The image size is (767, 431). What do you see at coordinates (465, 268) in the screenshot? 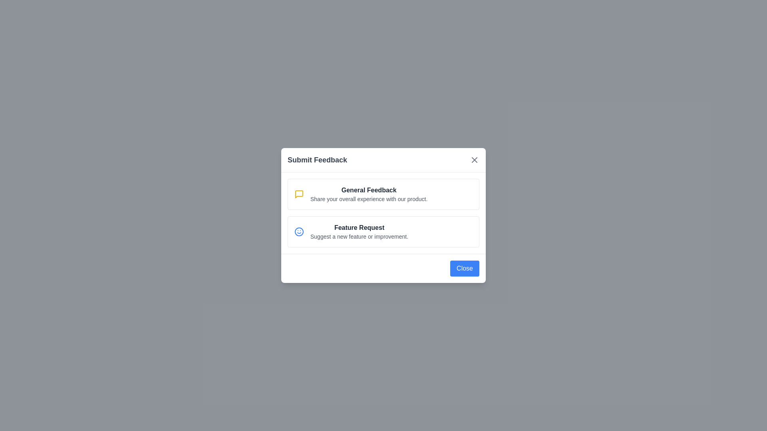
I see `the 'Close' button located in the footer of the FeedbackDialog component` at bounding box center [465, 268].